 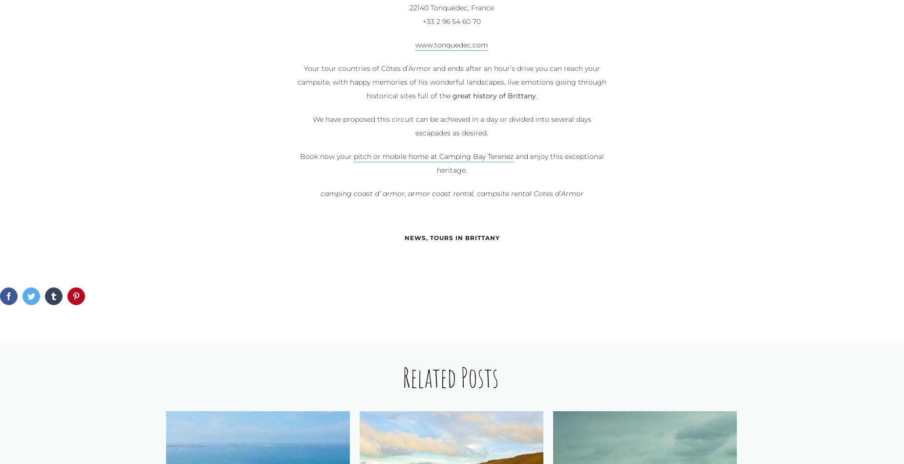 What do you see at coordinates (464, 238) in the screenshot?
I see `'Tours in Brittany'` at bounding box center [464, 238].